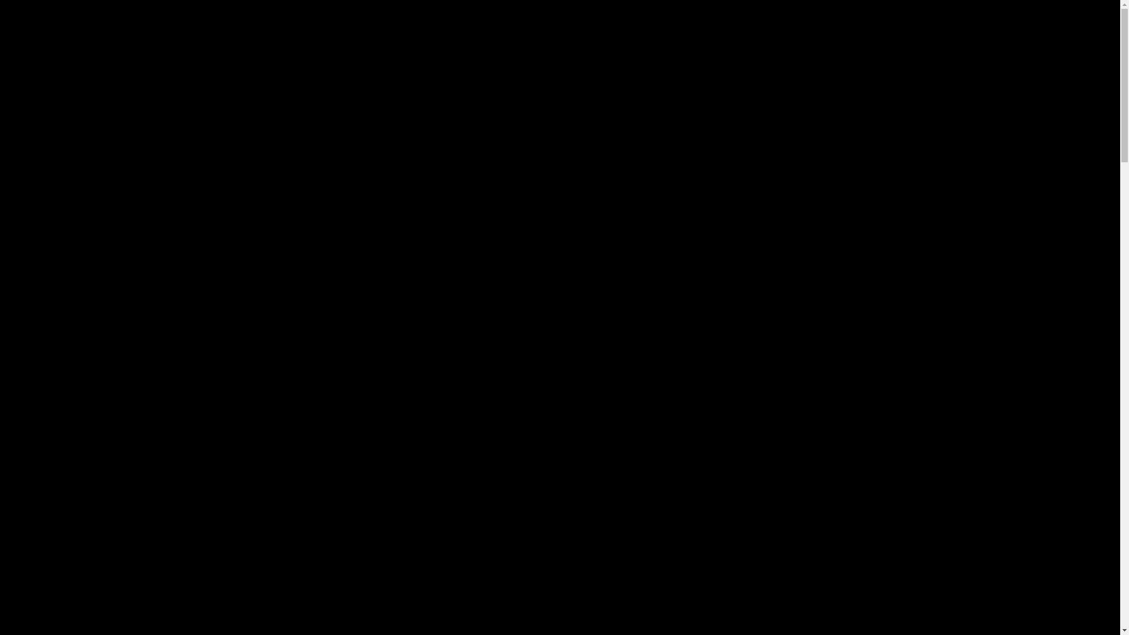 The width and height of the screenshot is (1129, 635). What do you see at coordinates (28, 73) in the screenshot?
I see `'Verkoopsvoorwaarden'` at bounding box center [28, 73].